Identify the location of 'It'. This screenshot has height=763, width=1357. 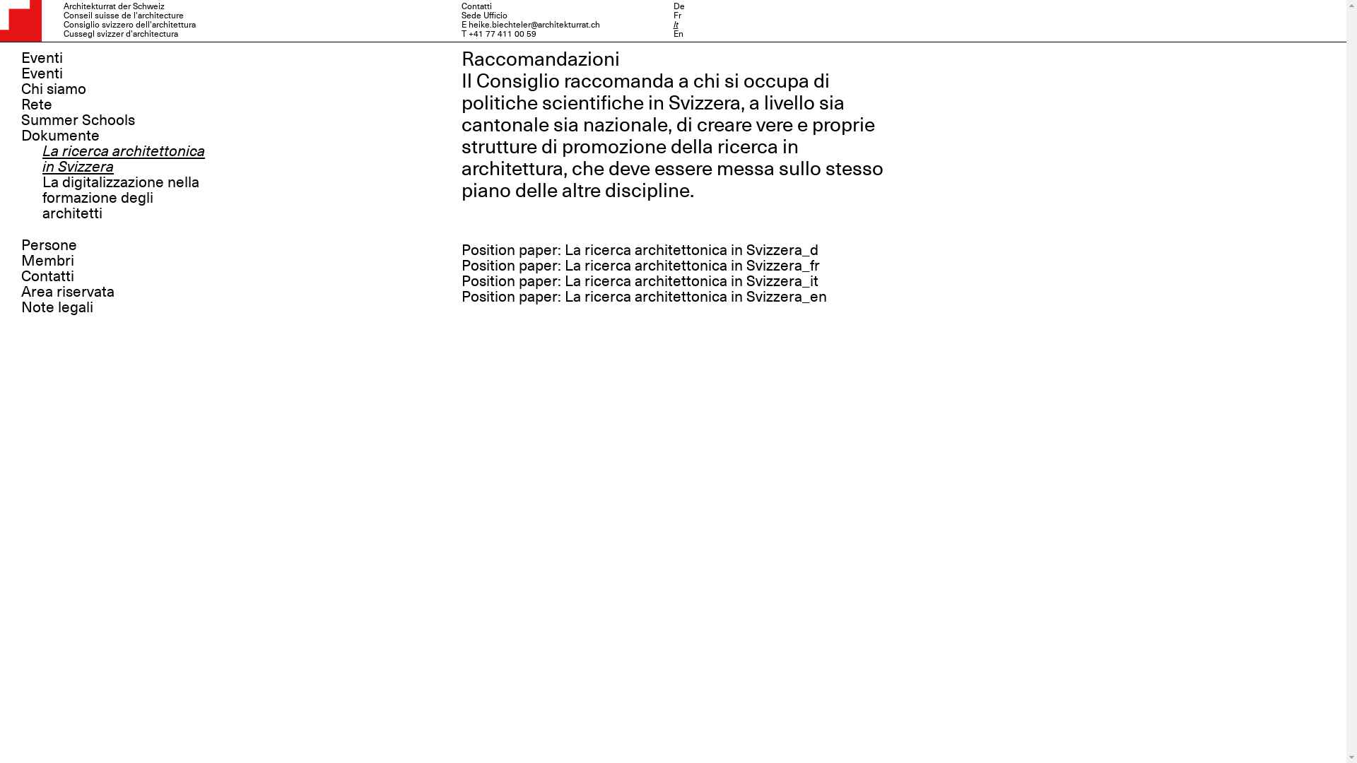
(674, 24).